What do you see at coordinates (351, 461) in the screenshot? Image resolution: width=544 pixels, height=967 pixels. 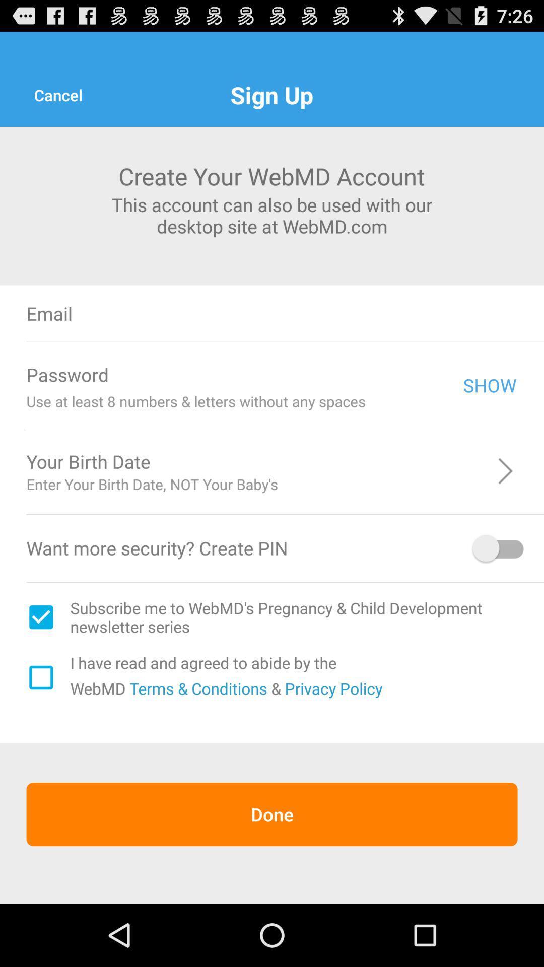 I see `item next to your birth date item` at bounding box center [351, 461].